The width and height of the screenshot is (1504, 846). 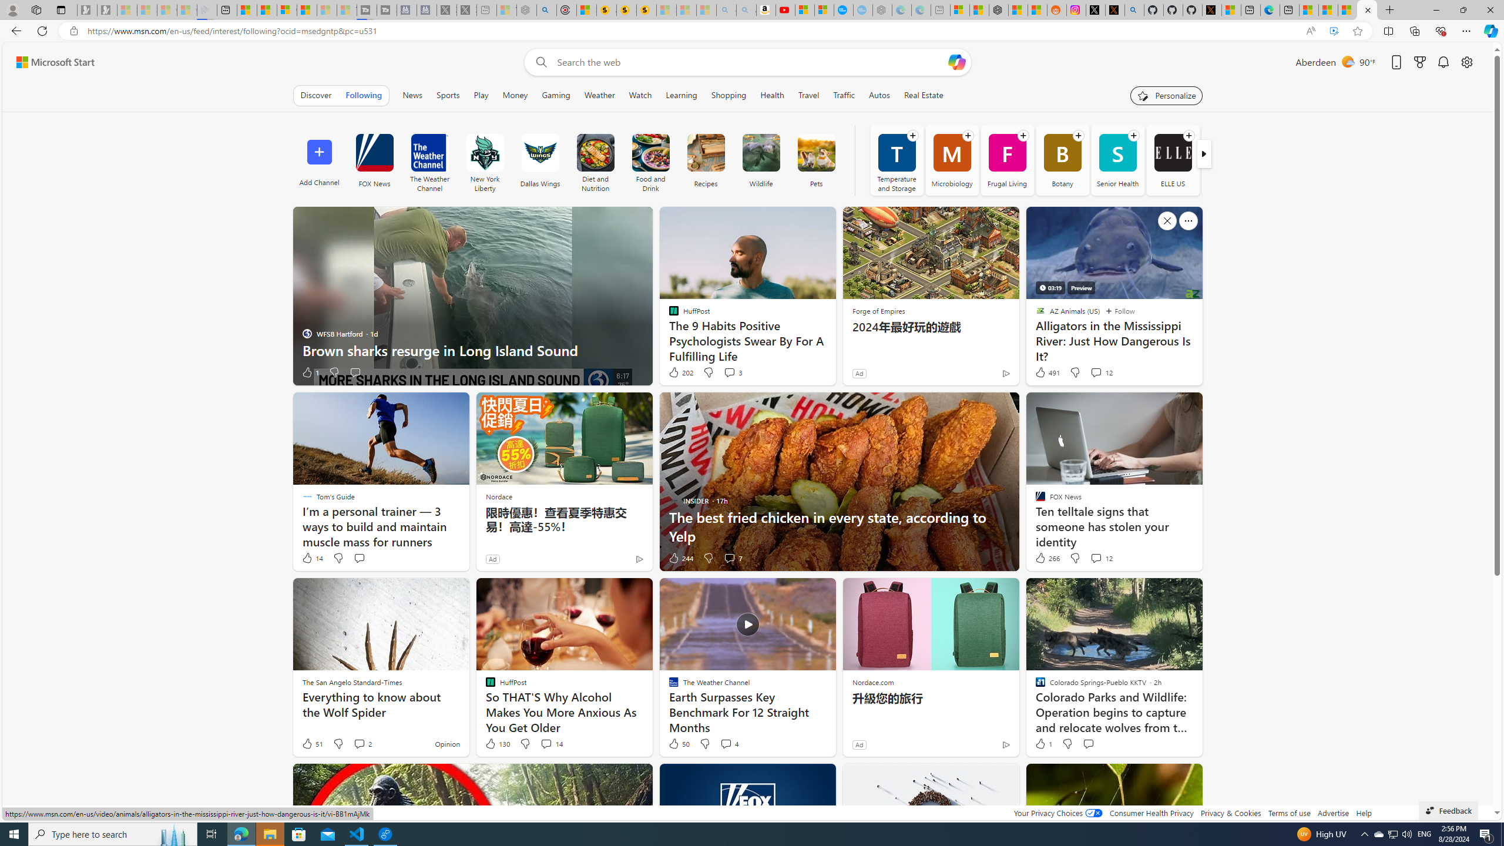 I want to click on 'The most popular Google ', so click(x=862, y=9).